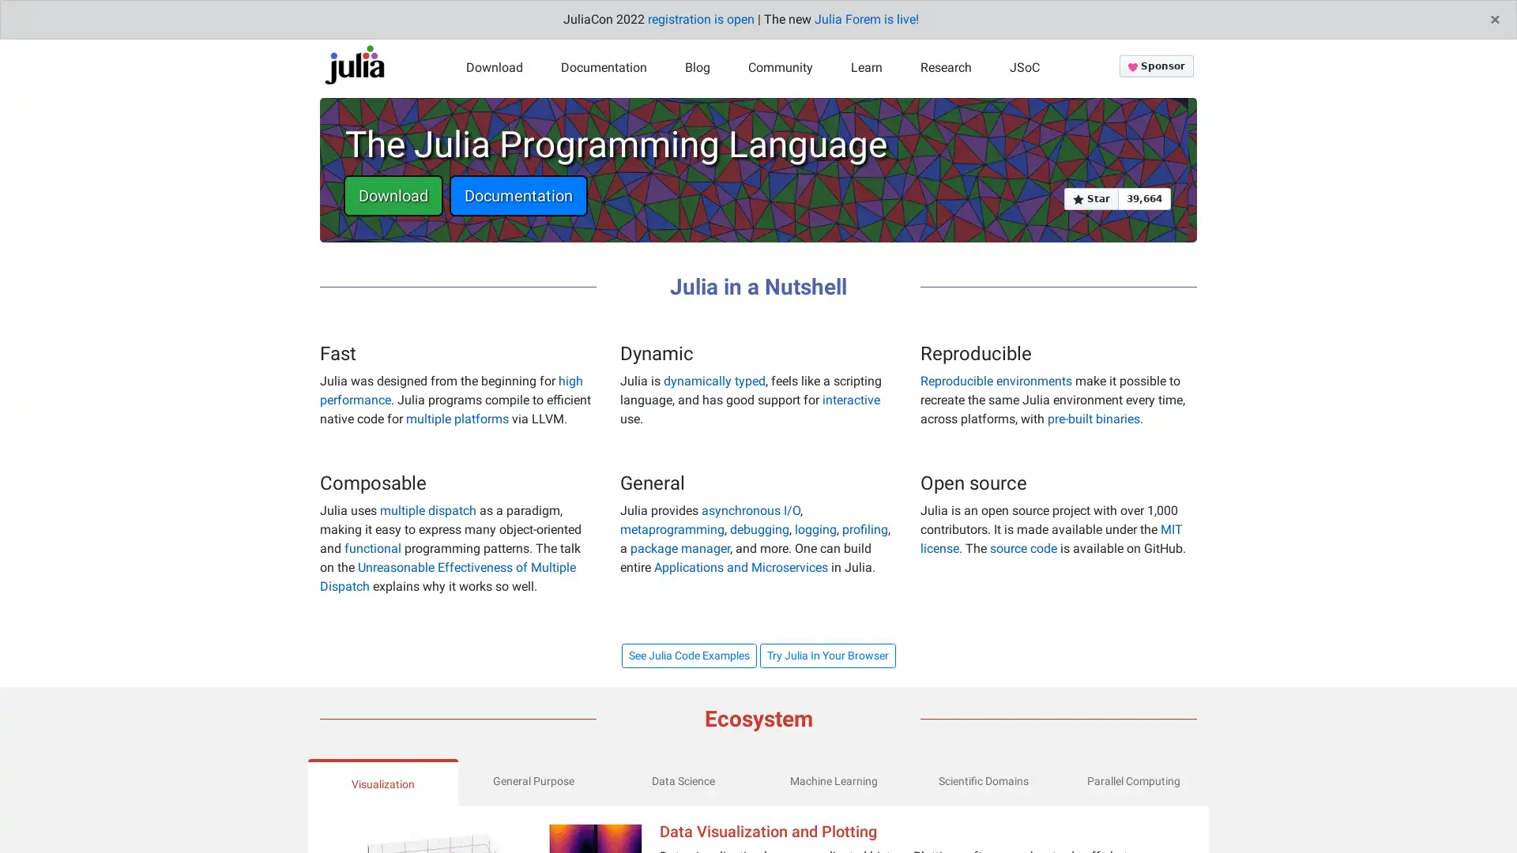 The width and height of the screenshot is (1517, 853). What do you see at coordinates (1494, 19) in the screenshot?
I see `Close` at bounding box center [1494, 19].